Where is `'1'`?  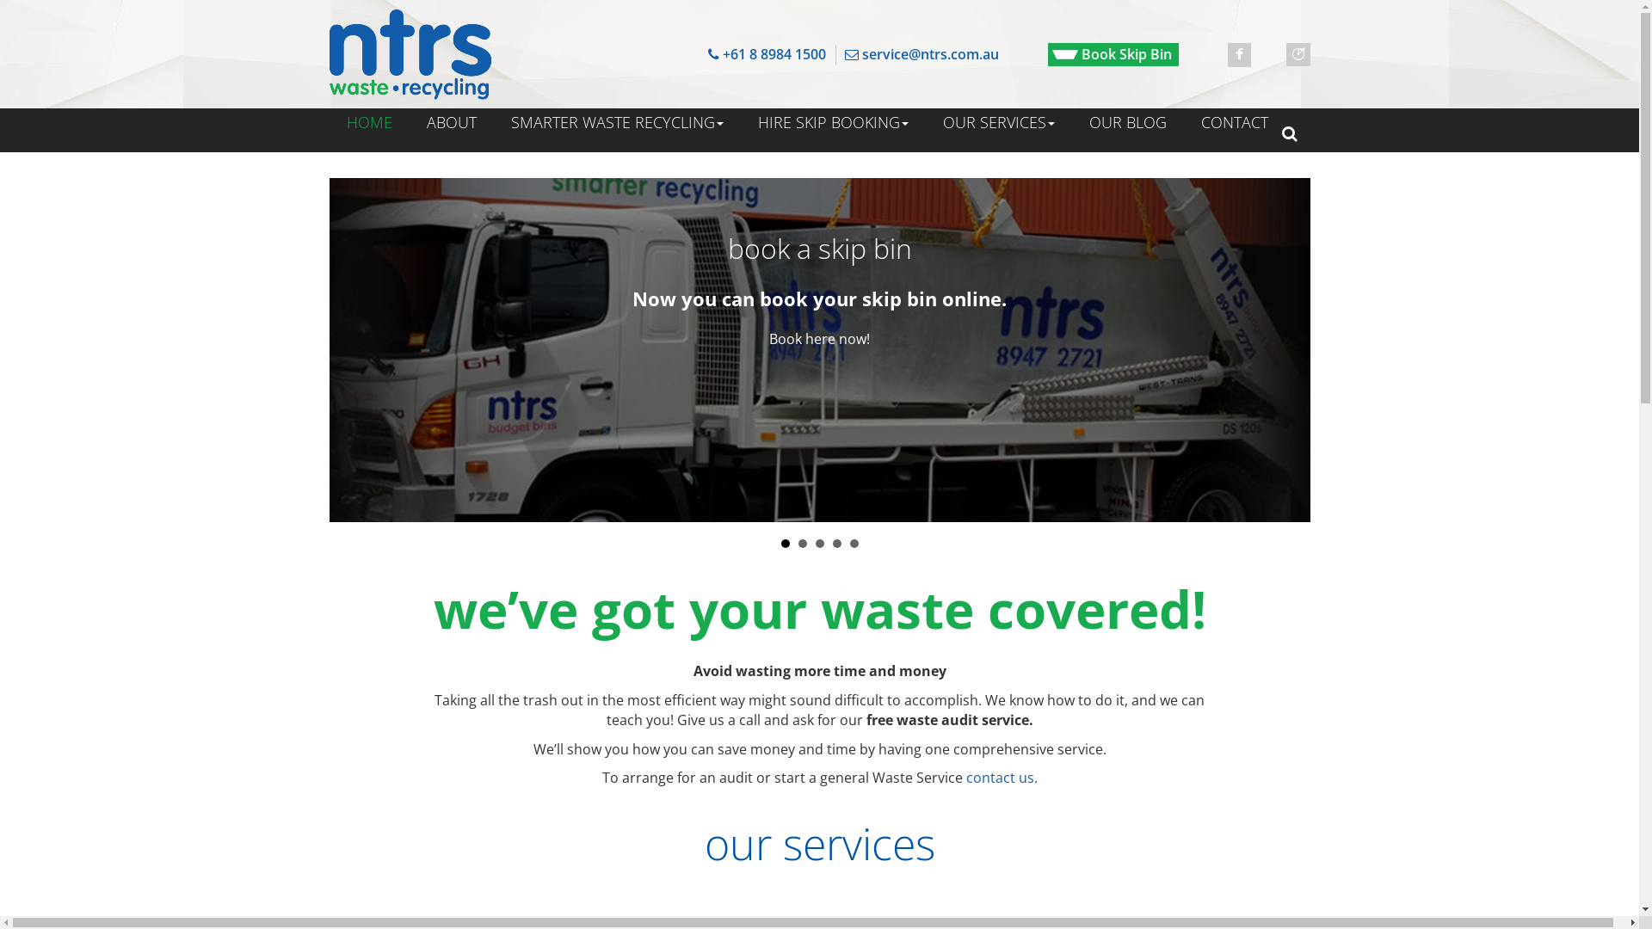 '1' is located at coordinates (784, 544).